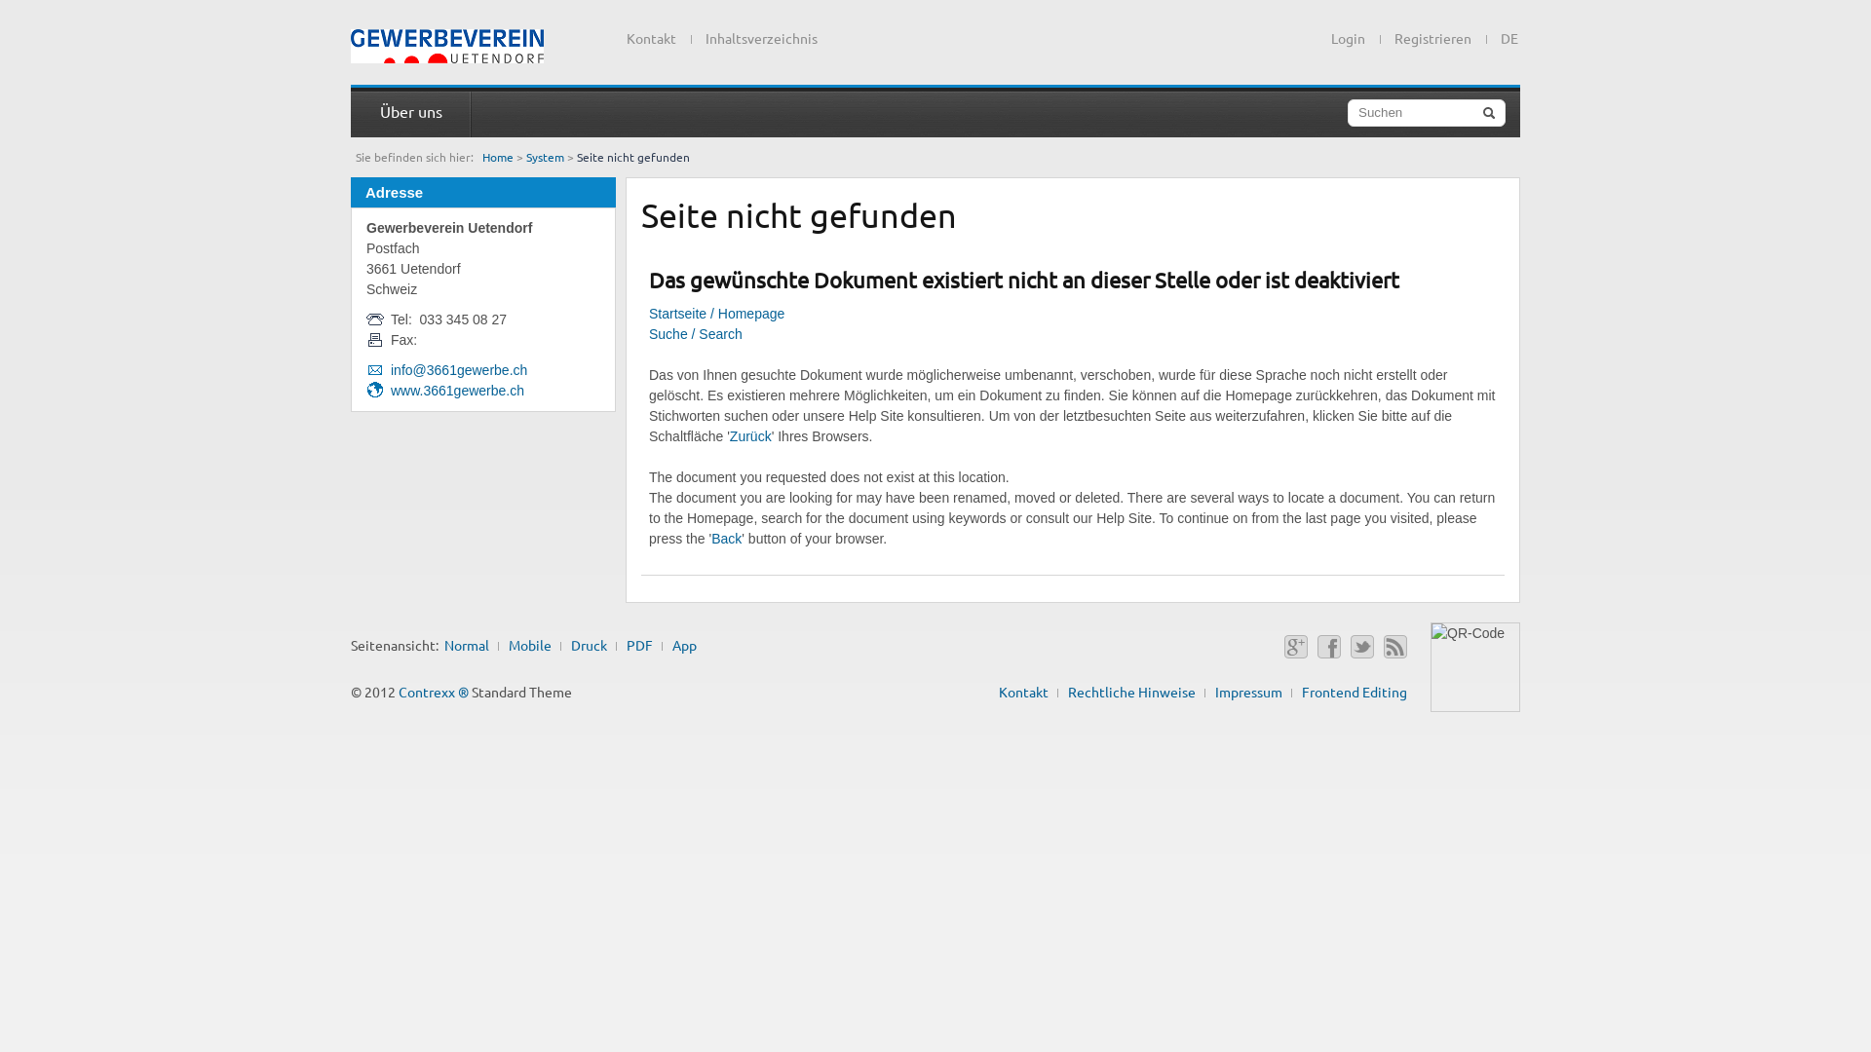  What do you see at coordinates (725, 538) in the screenshot?
I see `'Back'` at bounding box center [725, 538].